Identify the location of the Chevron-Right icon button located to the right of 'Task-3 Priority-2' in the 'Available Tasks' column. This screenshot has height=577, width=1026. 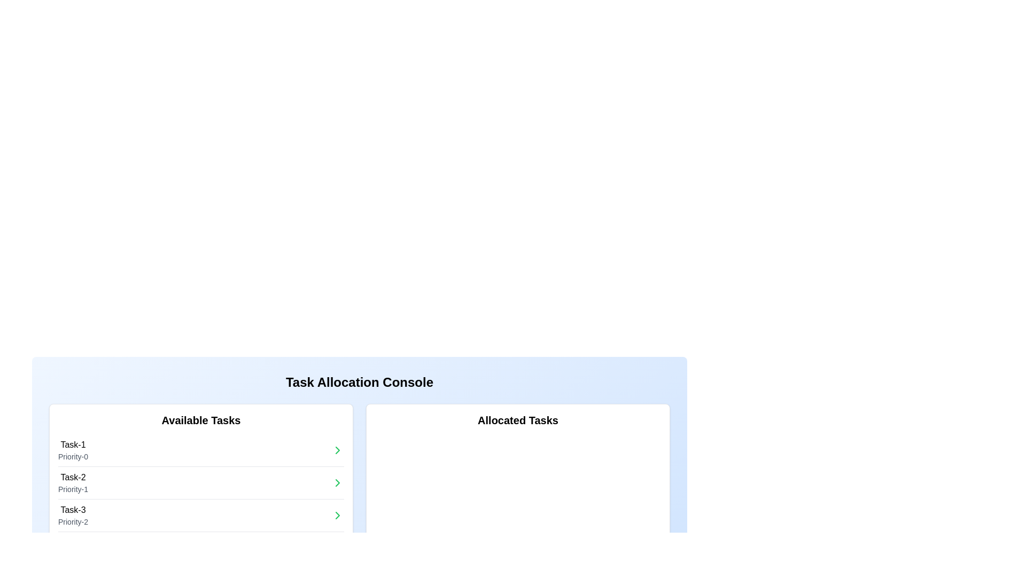
(337, 514).